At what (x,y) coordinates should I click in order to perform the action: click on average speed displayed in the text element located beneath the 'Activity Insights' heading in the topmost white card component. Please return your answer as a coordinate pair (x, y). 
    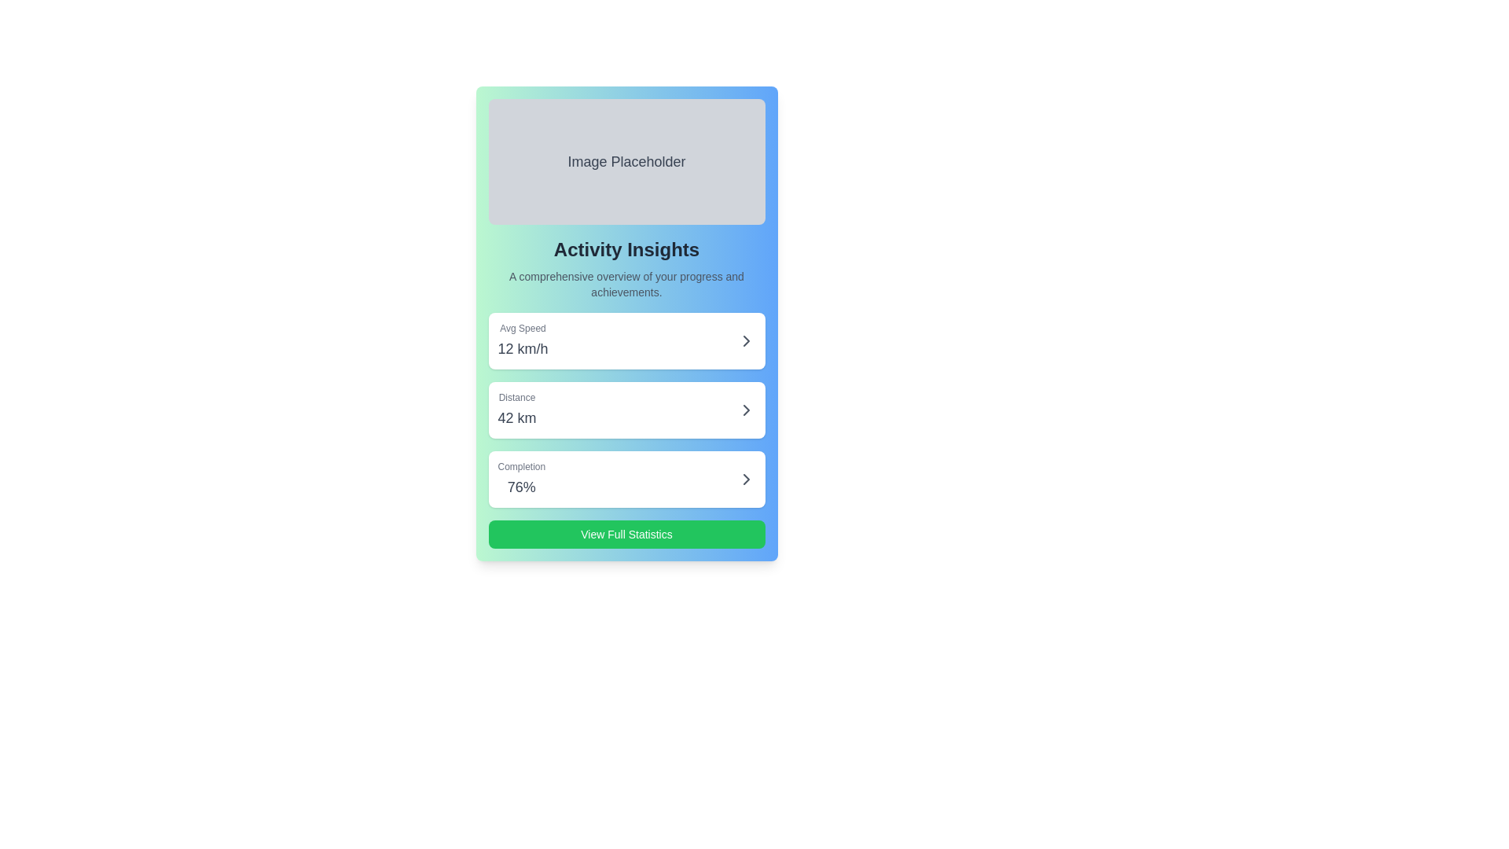
    Looking at the image, I should click on (523, 340).